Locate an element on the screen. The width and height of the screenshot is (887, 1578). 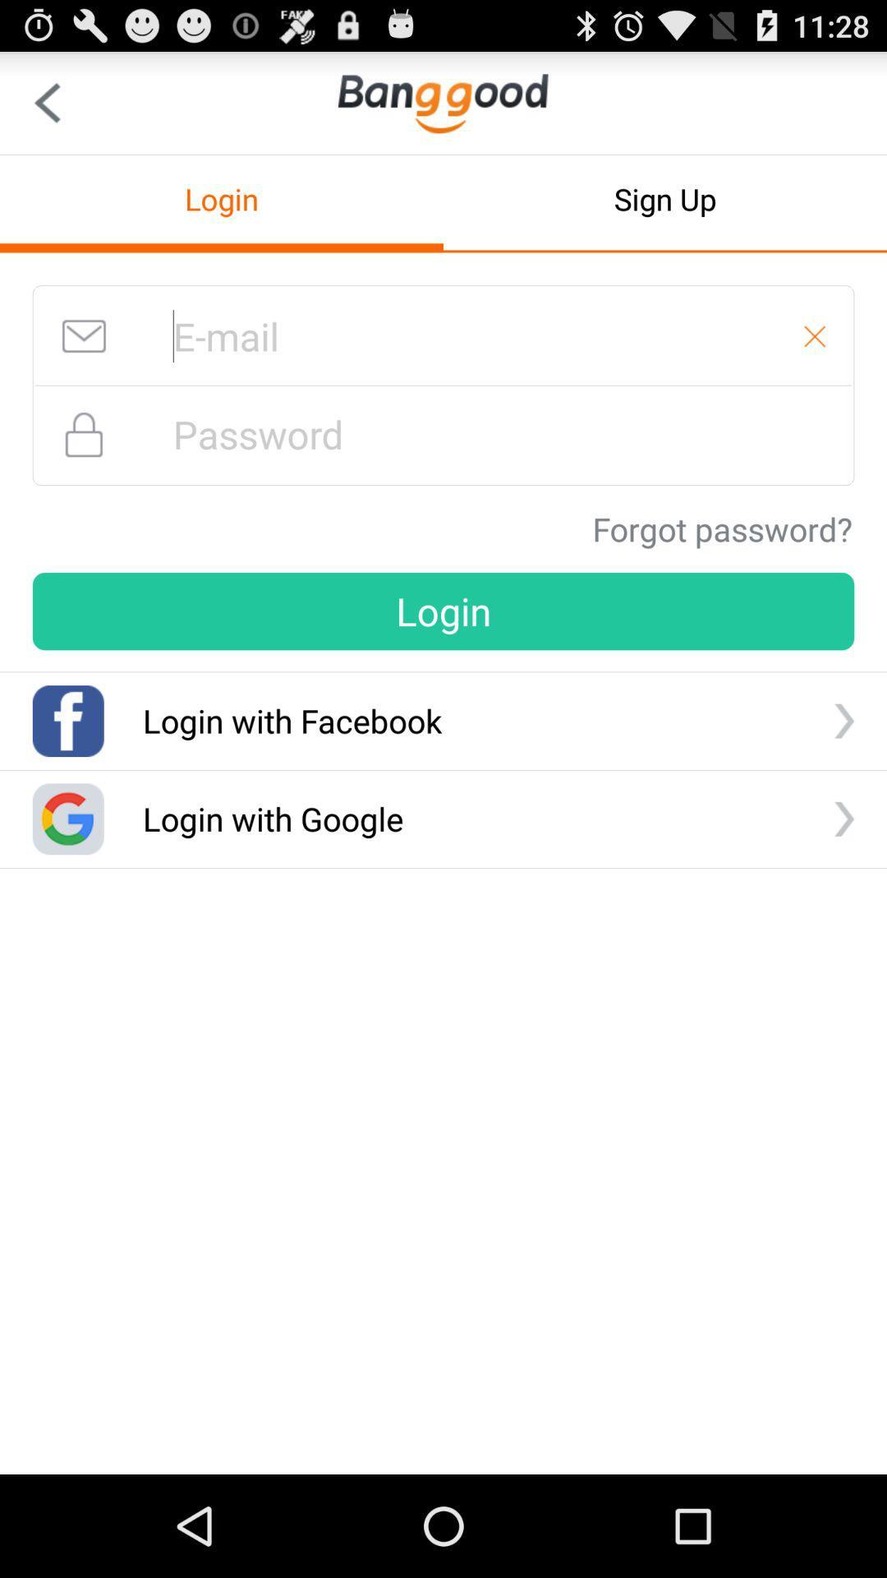
the button to the right of login is located at coordinates (665, 198).